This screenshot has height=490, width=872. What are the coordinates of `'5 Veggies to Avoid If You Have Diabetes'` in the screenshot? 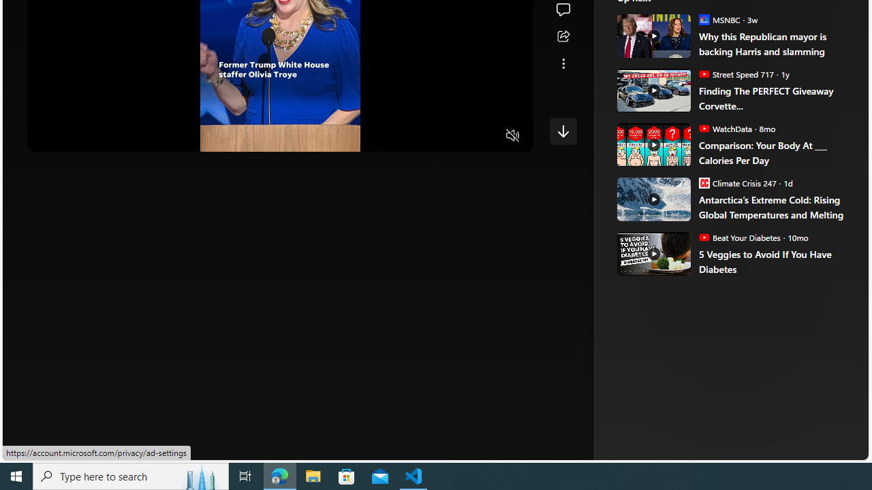 It's located at (774, 261).